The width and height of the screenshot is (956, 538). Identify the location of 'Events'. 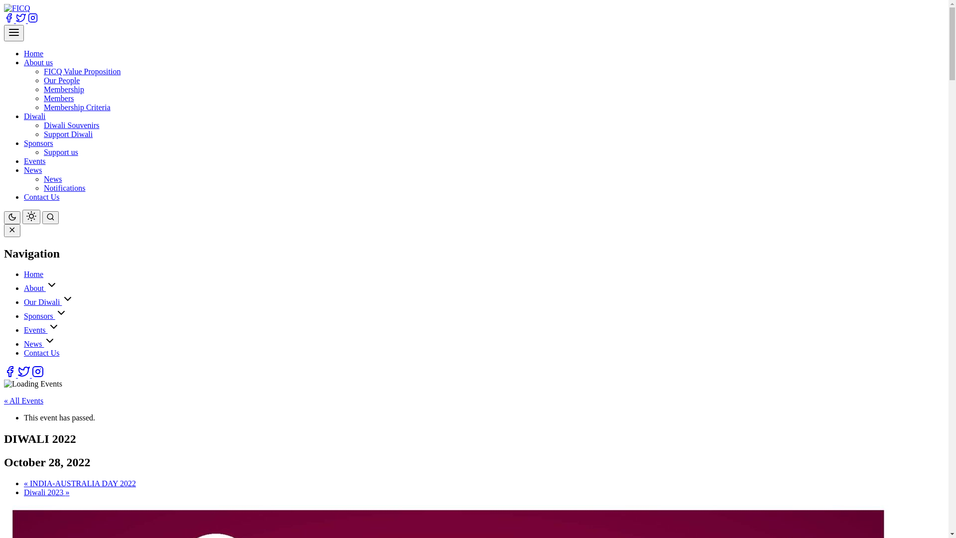
(35, 160).